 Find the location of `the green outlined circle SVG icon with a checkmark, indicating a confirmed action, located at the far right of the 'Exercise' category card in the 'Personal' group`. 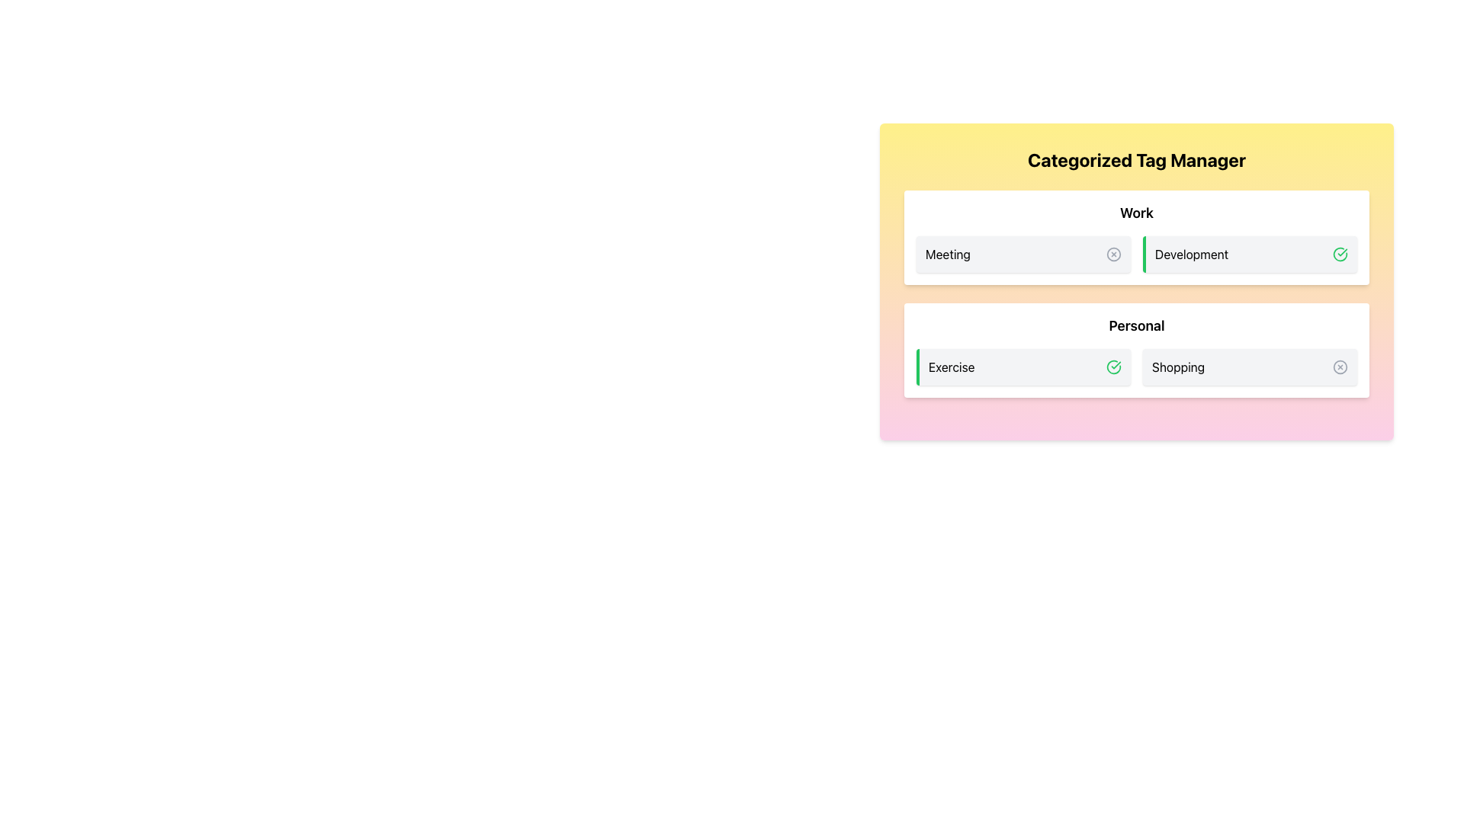

the green outlined circle SVG icon with a checkmark, indicating a confirmed action, located at the far right of the 'Exercise' category card in the 'Personal' group is located at coordinates (1113, 367).